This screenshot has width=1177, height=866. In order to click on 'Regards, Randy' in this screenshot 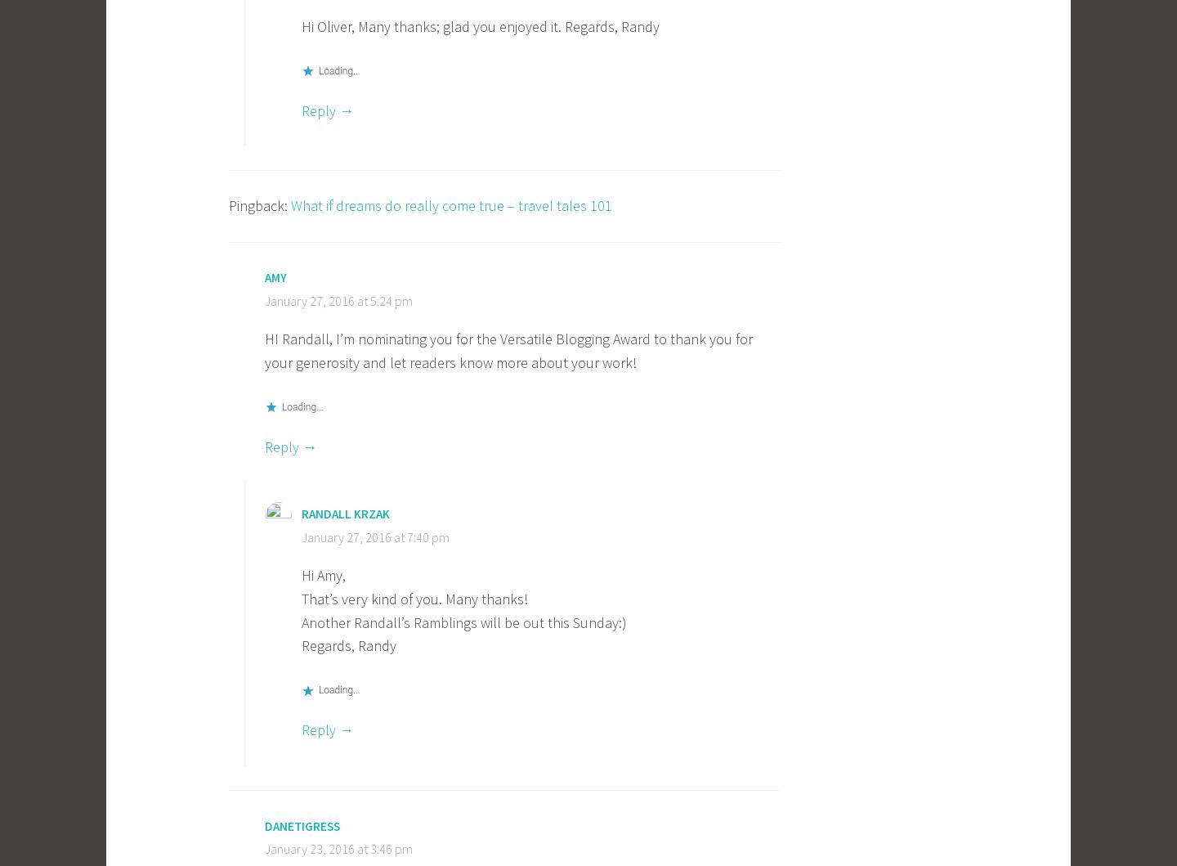, I will do `click(300, 644)`.